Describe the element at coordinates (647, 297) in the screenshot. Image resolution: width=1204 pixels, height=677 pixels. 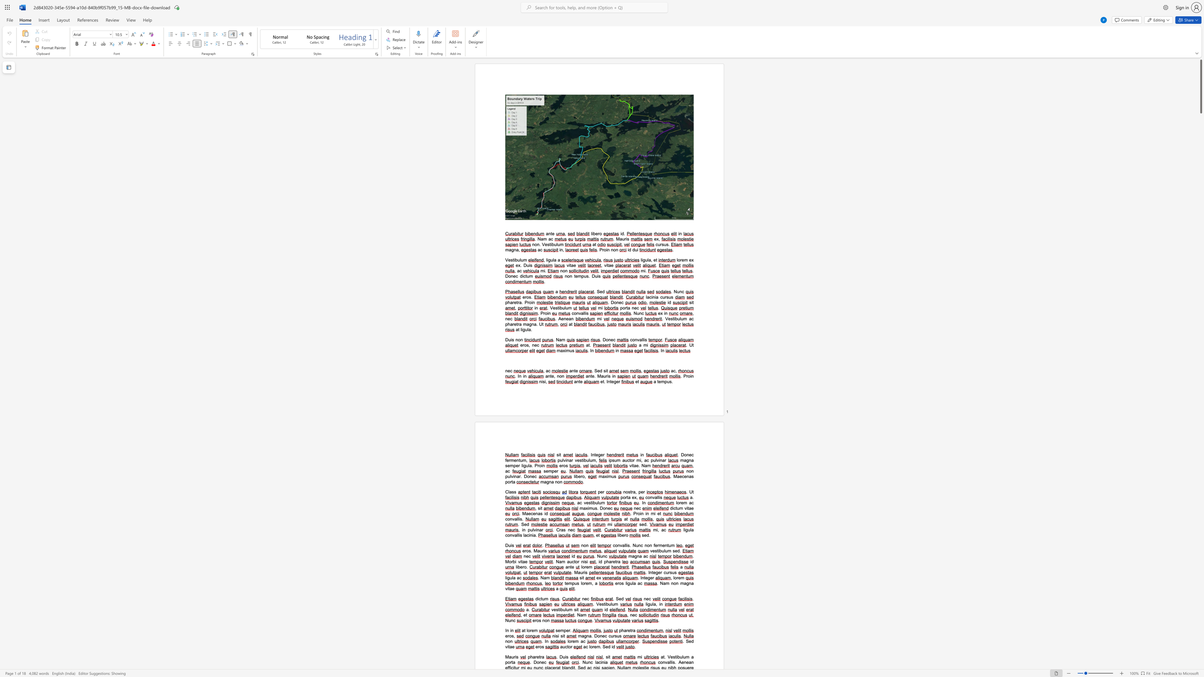
I see `the space between the continuous character "l" and "a" in the text` at that location.